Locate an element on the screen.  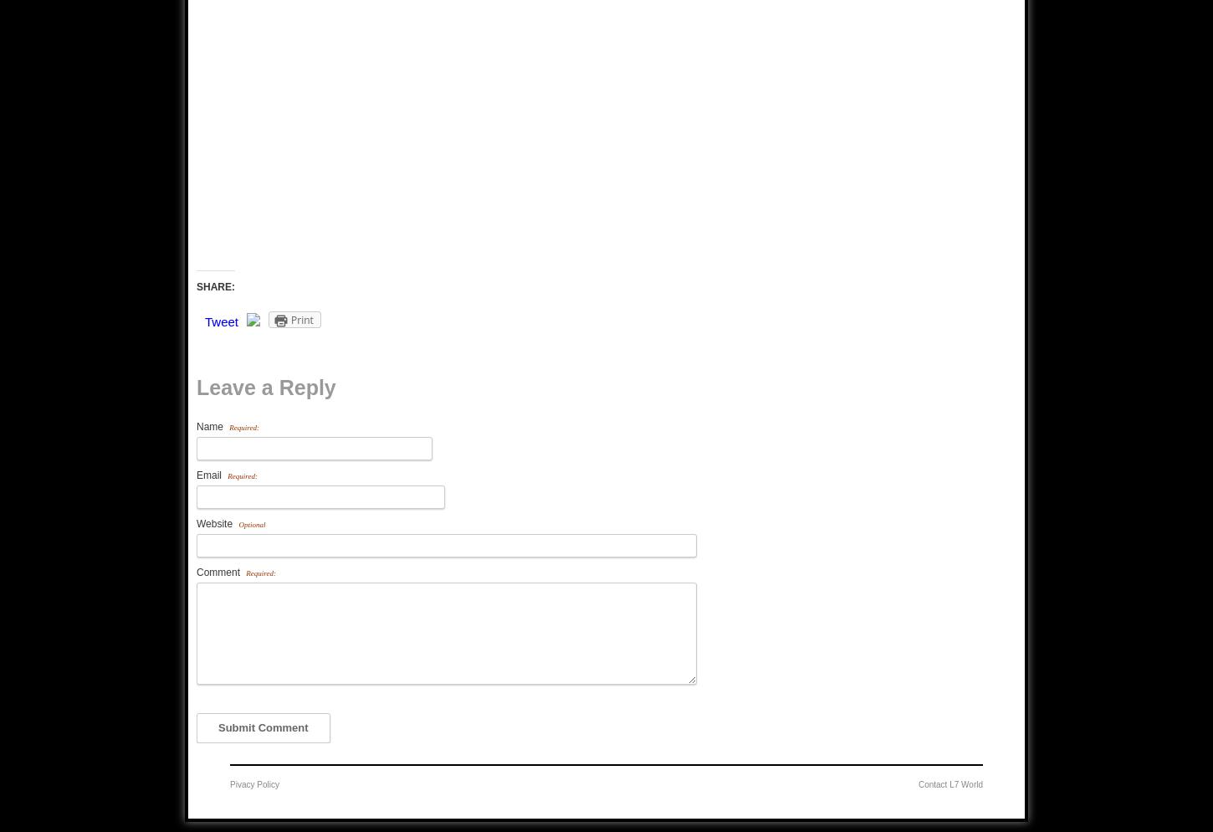
'Optional' is located at coordinates (238, 524).